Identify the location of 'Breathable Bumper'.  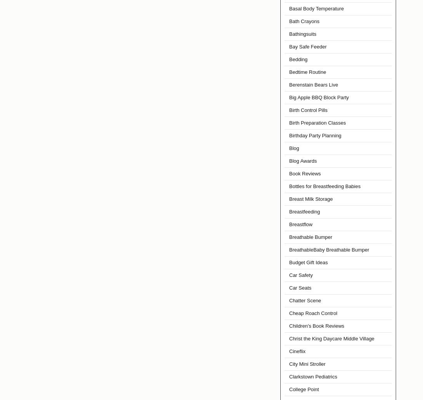
(310, 237).